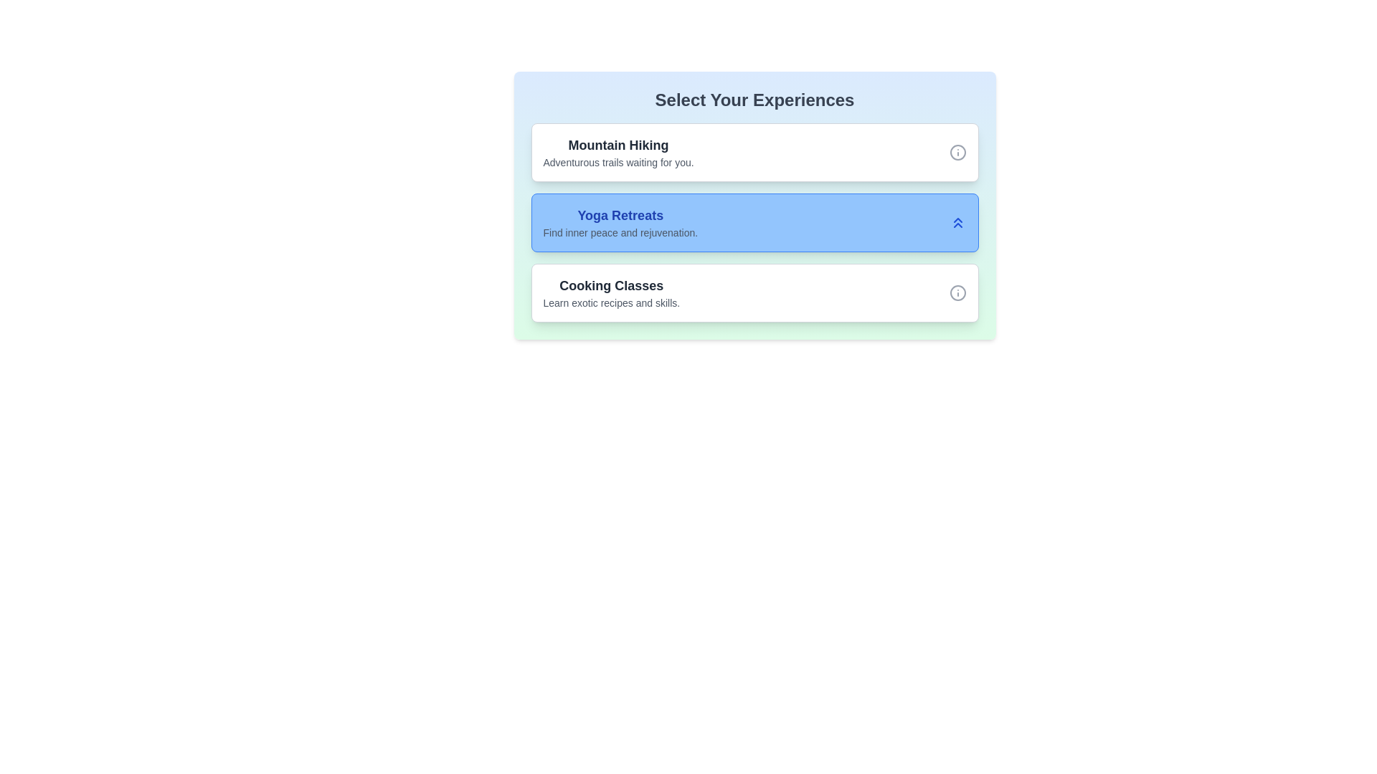 The height and width of the screenshot is (774, 1377). Describe the element at coordinates (618, 152) in the screenshot. I see `the item Mountain Hiking` at that location.